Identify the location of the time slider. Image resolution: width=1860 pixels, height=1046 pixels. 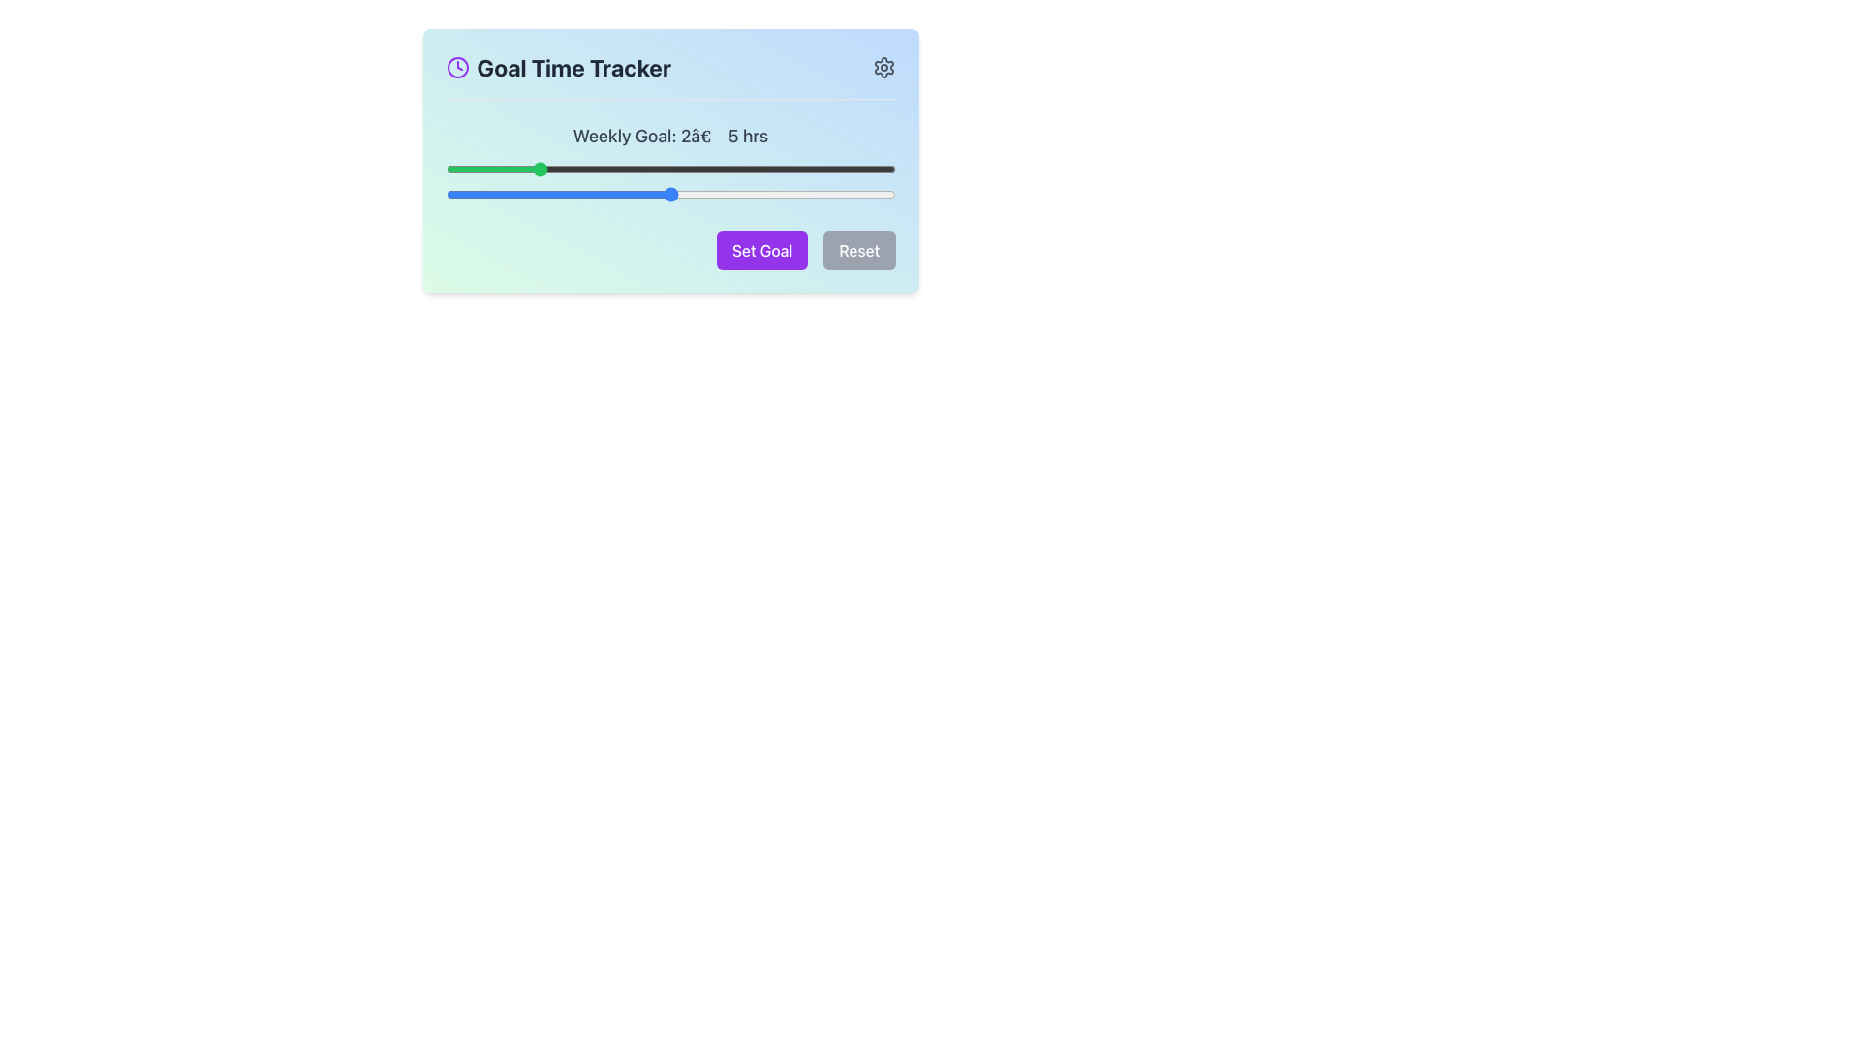
(670, 168).